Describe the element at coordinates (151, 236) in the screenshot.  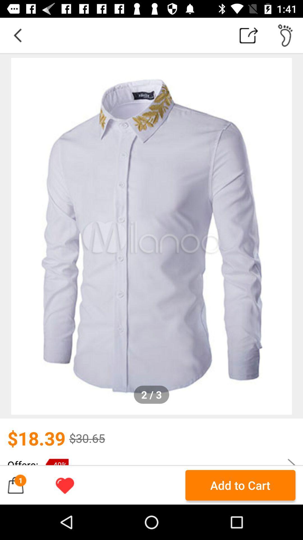
I see `picture 2 of 3 of item` at that location.